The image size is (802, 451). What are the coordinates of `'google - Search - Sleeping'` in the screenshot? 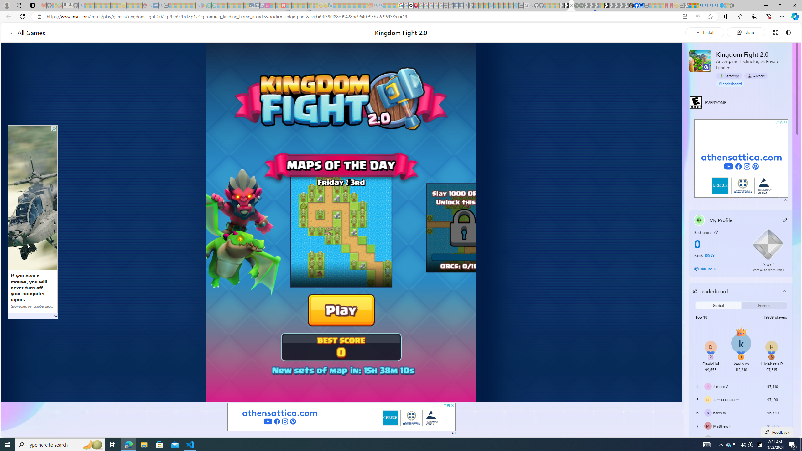 It's located at (198, 5).